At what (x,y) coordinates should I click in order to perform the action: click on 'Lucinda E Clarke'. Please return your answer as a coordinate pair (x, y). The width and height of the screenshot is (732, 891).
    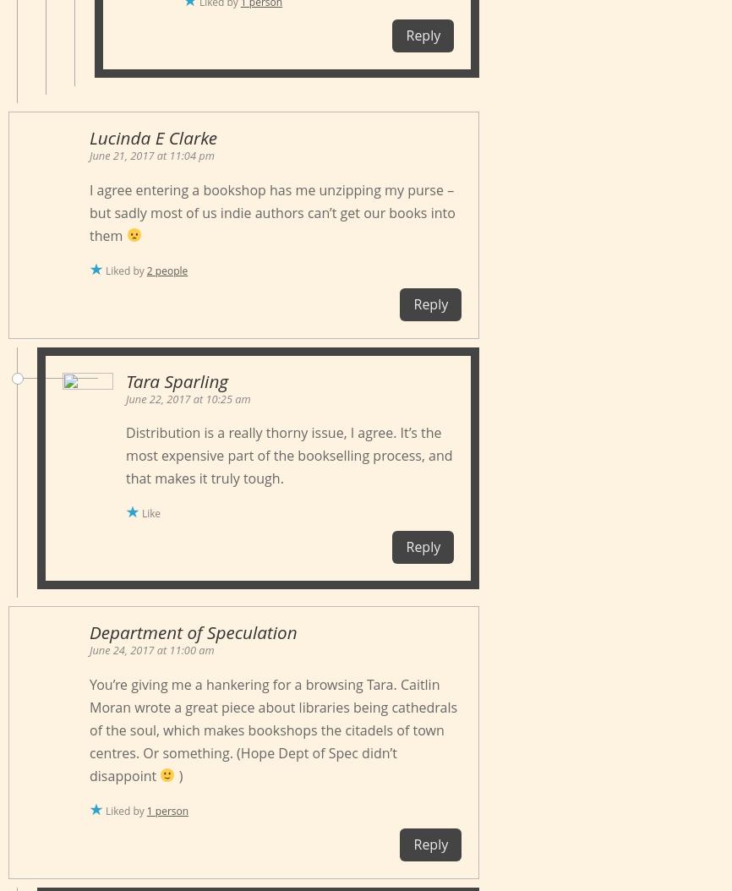
    Looking at the image, I should click on (153, 136).